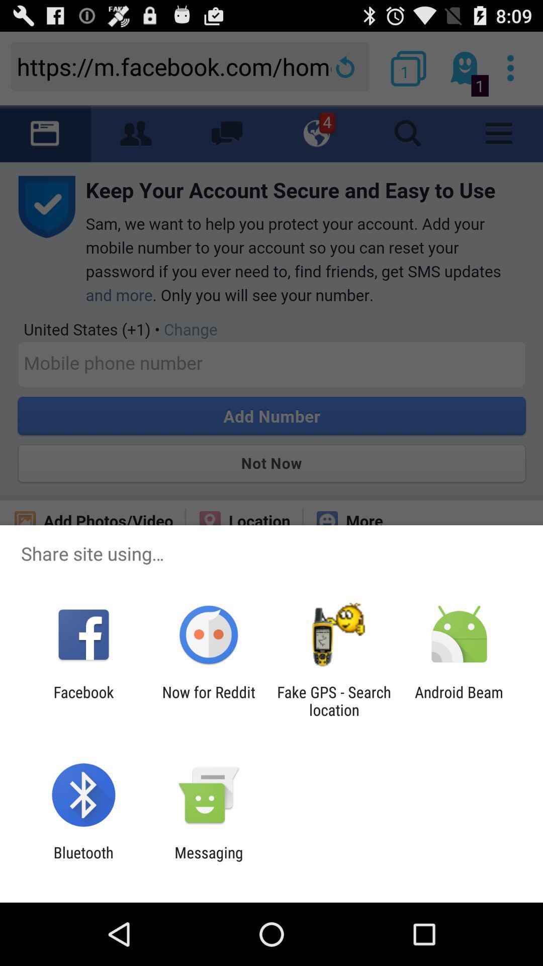 This screenshot has height=966, width=543. I want to click on the app to the right of the now for reddit icon, so click(334, 700).